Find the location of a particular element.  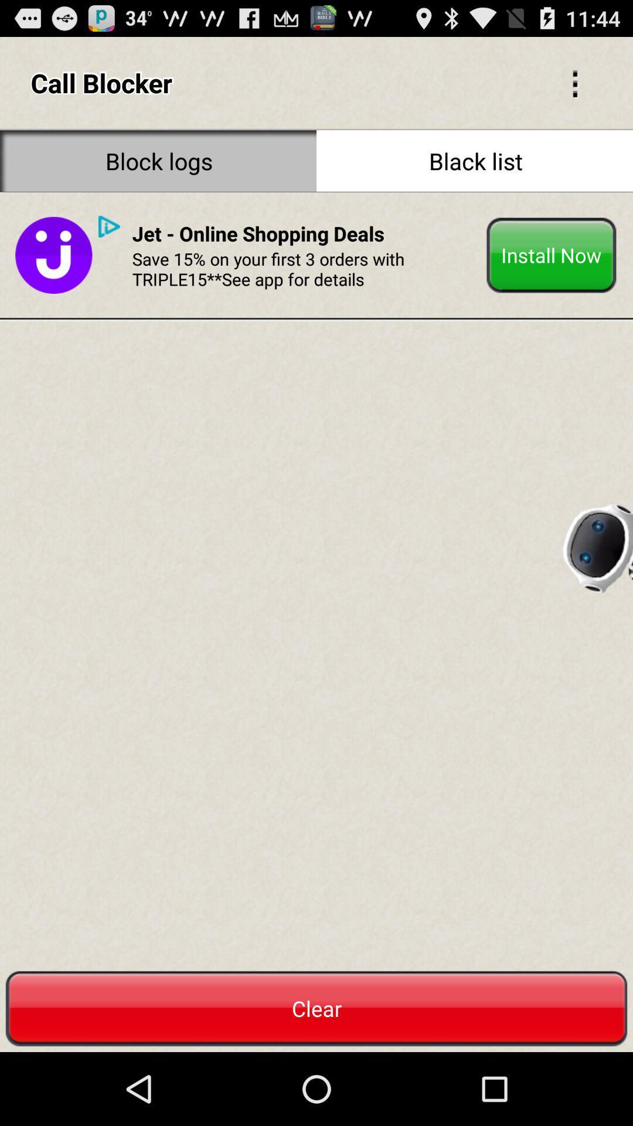

jet online shopping is located at coordinates (257, 233).